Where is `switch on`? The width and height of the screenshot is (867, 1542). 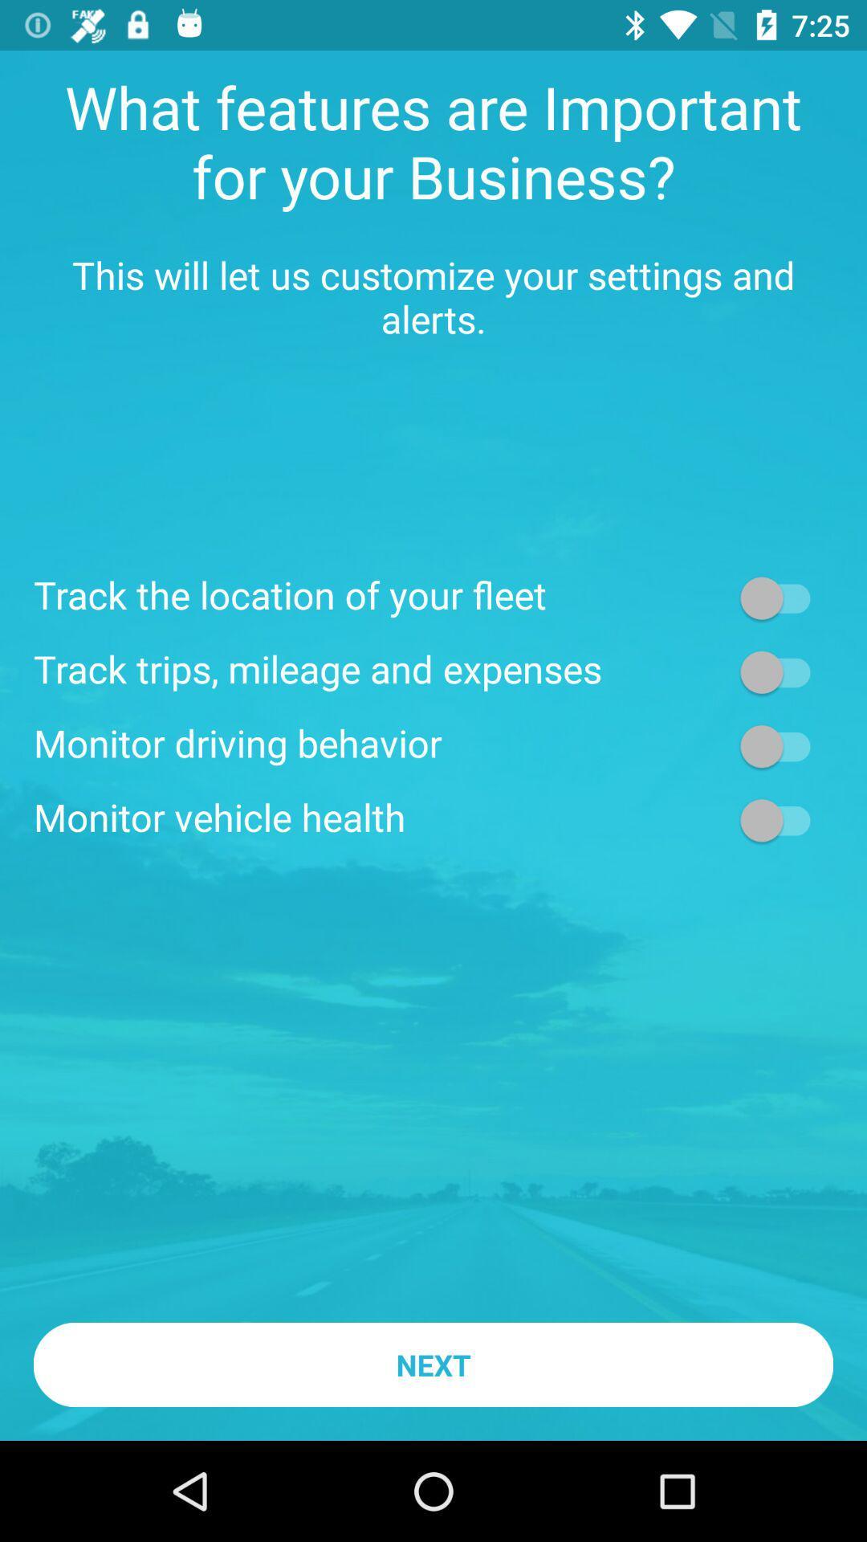
switch on is located at coordinates (782, 745).